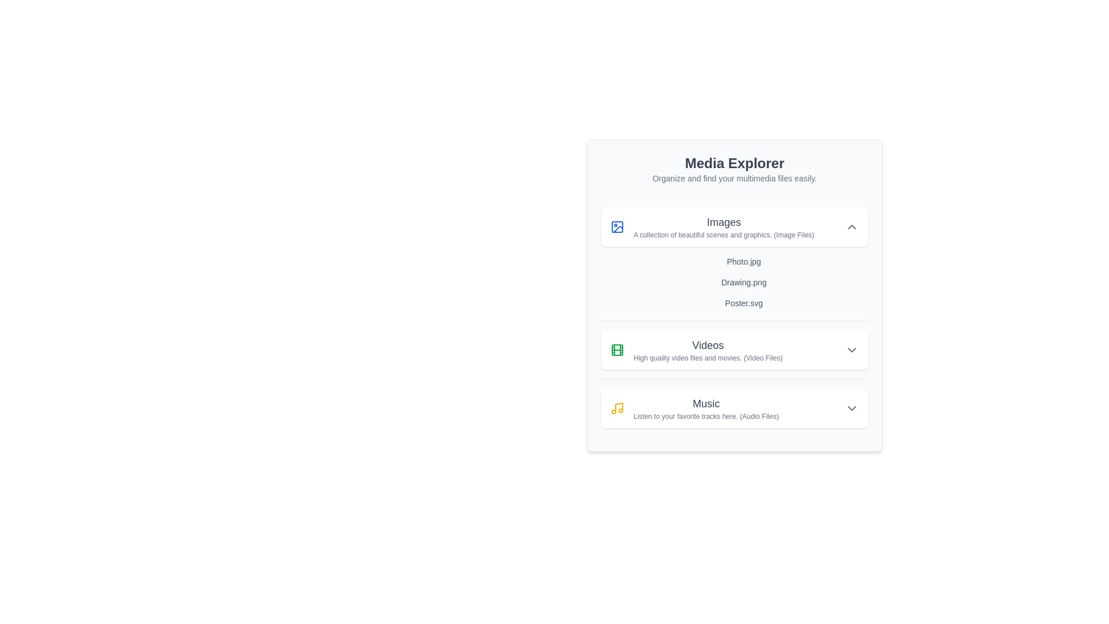 The height and width of the screenshot is (624, 1109). Describe the element at coordinates (734, 178) in the screenshot. I see `the static text element containing the description 'Organize and find your multimedia files easily.' located below the 'Media Explorer' header` at that location.